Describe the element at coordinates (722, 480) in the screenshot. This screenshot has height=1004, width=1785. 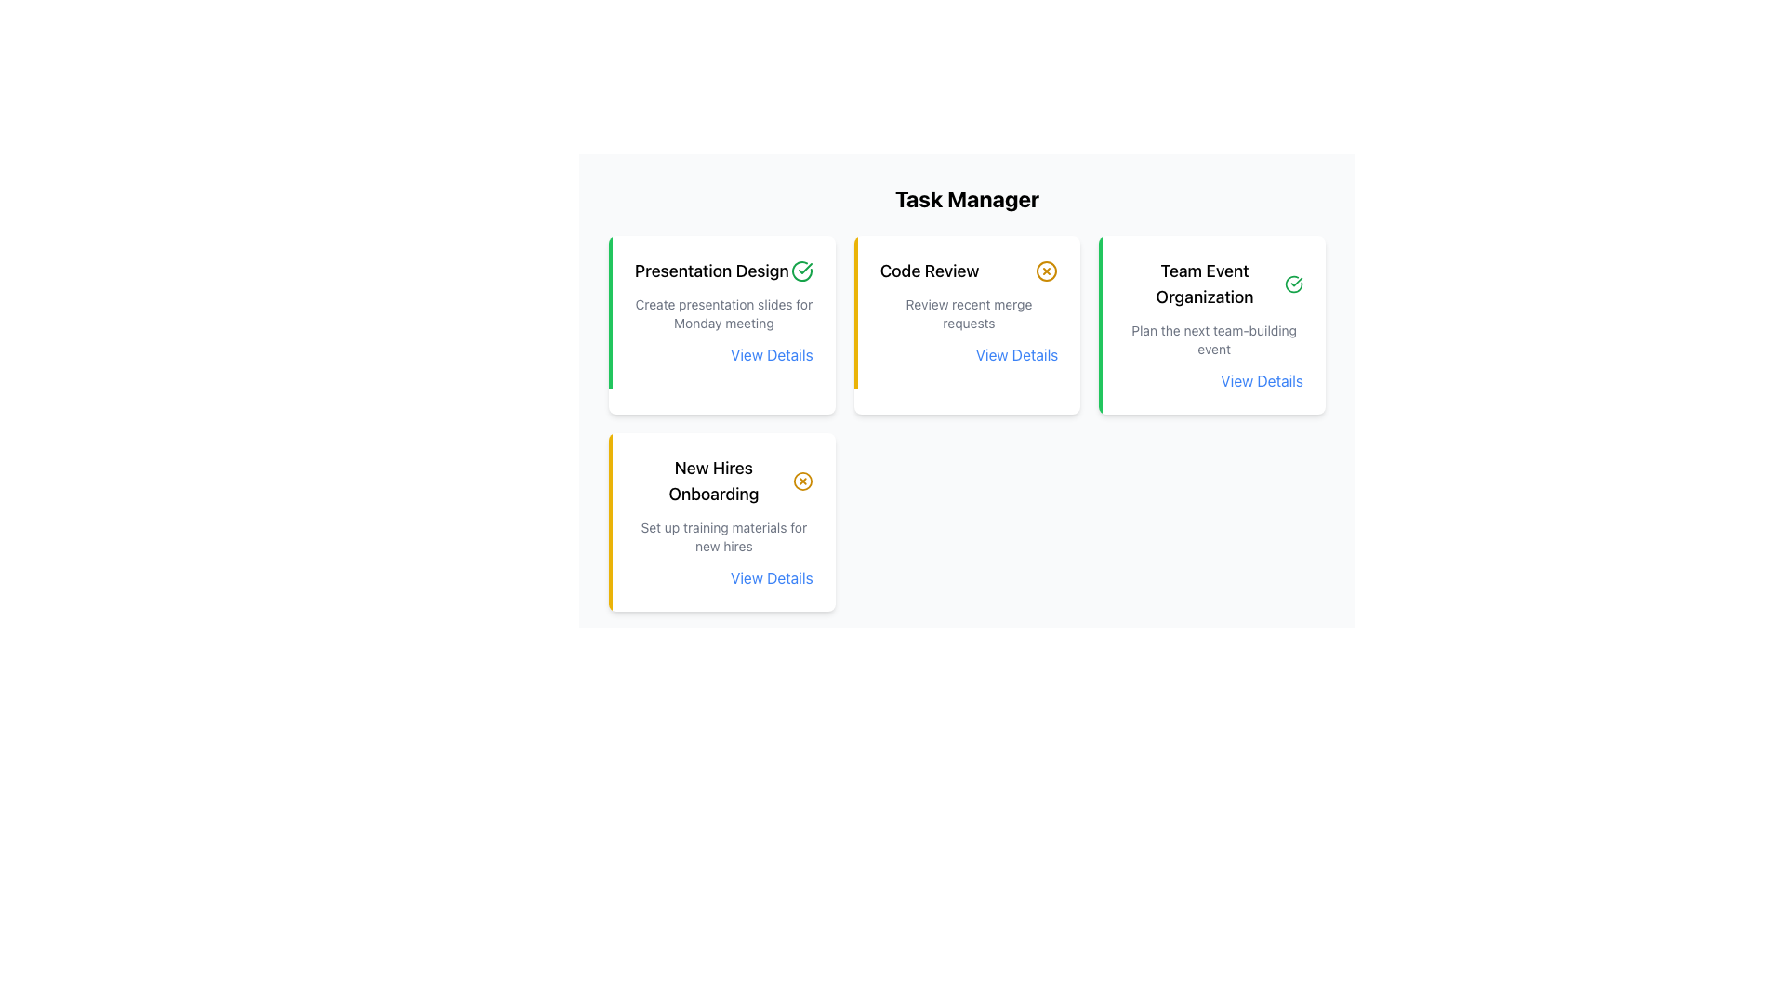
I see `the text label that serves as the title of the 'New Hires Onboarding' card, positioned in the middle row of the grid layout` at that location.